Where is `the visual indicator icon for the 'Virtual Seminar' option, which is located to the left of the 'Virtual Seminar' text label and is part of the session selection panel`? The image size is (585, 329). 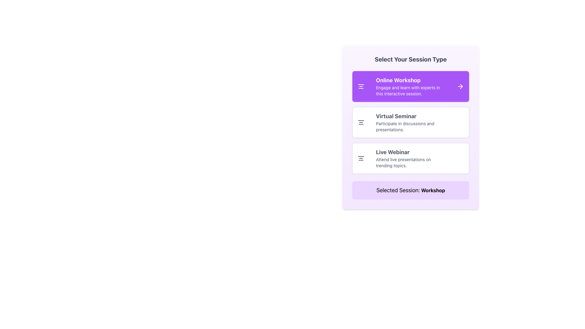
the visual indicator icon for the 'Virtual Seminar' option, which is located to the left of the 'Virtual Seminar' text label and is part of the session selection panel is located at coordinates (361, 122).